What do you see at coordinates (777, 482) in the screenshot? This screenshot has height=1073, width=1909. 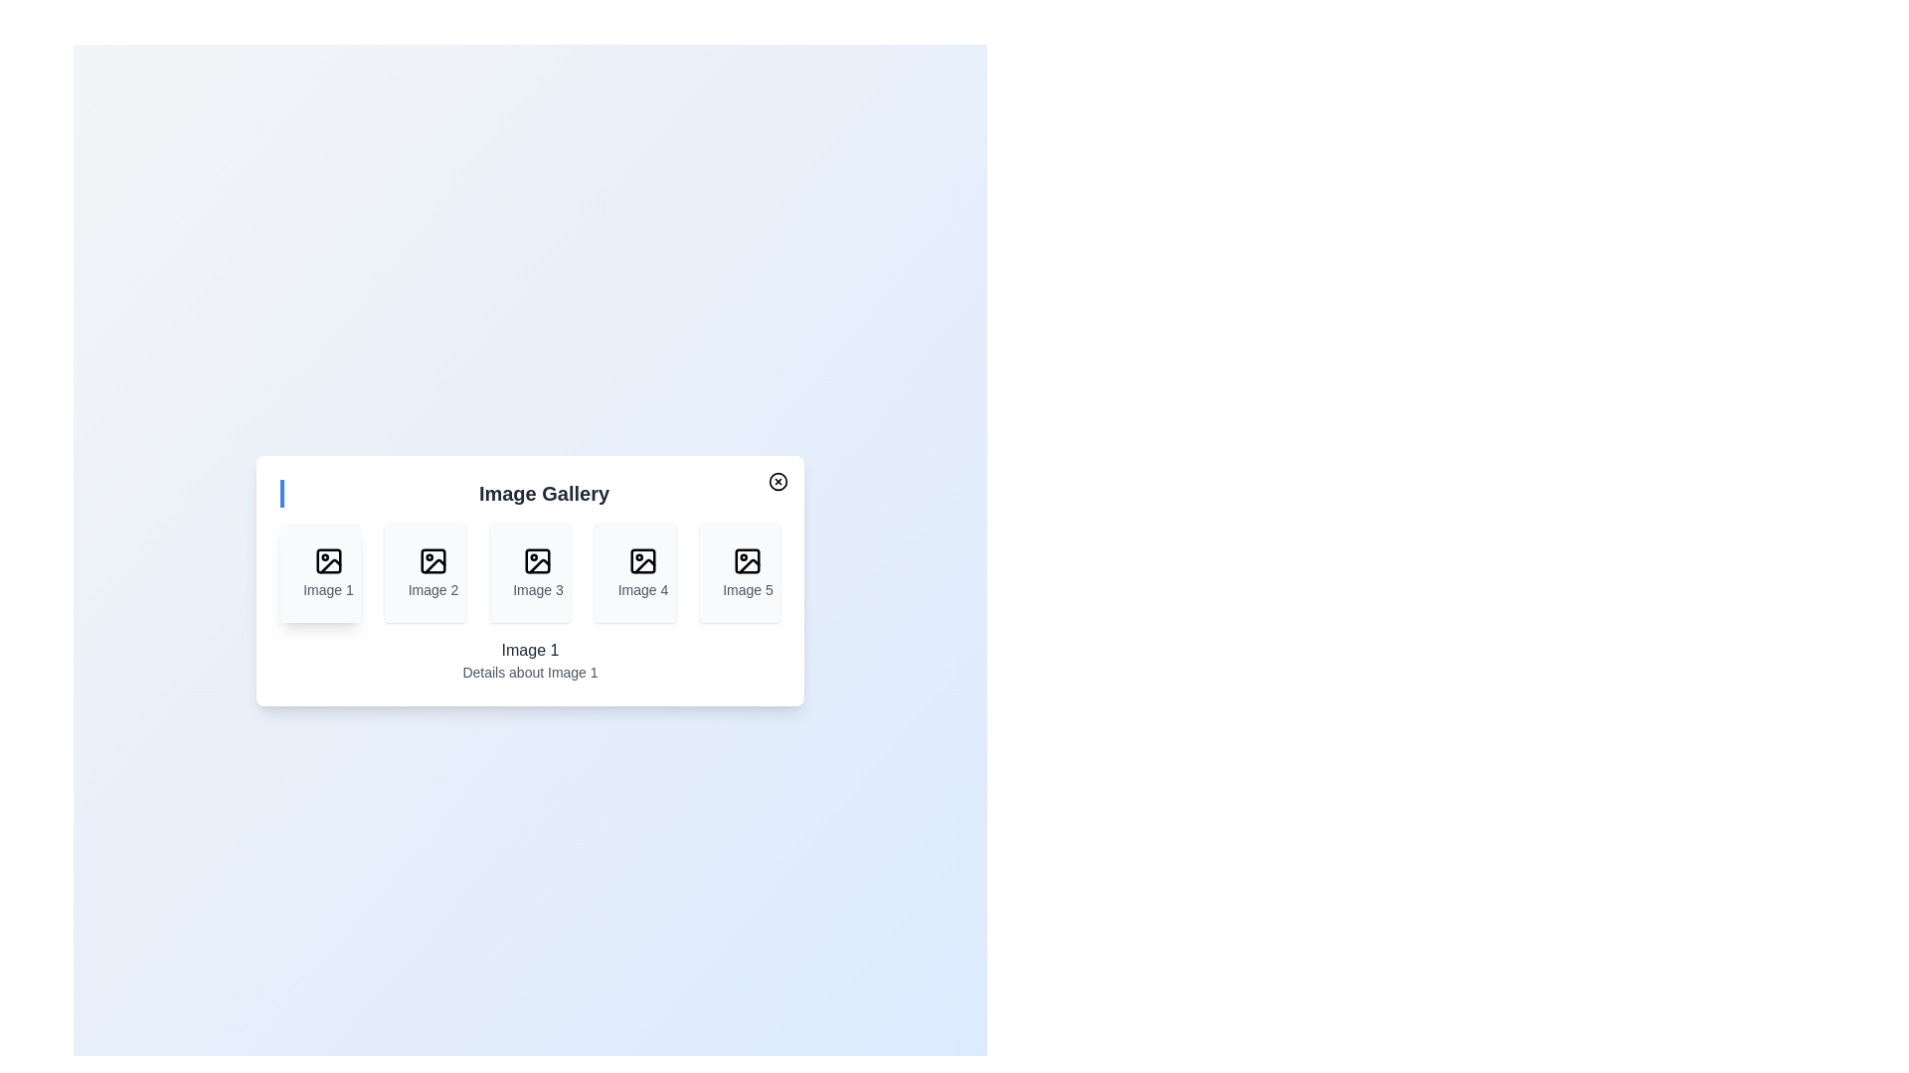 I see `close button located at the top-right corner of the gallery dialog` at bounding box center [777, 482].